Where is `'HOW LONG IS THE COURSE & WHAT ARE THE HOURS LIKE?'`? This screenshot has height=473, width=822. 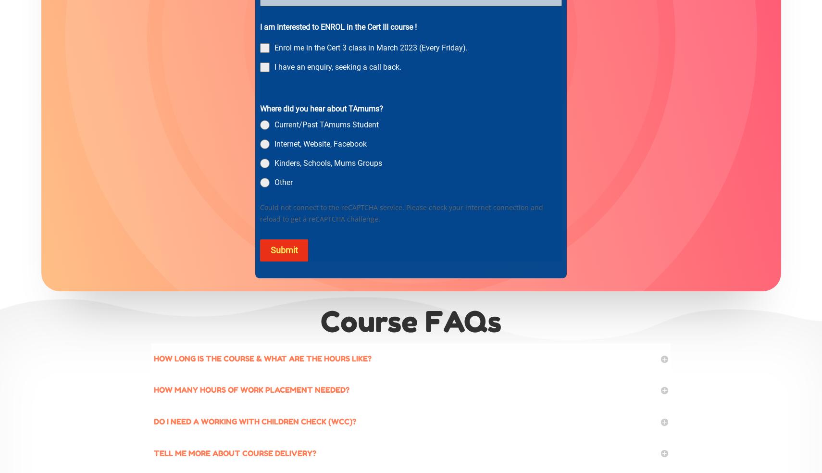
'HOW LONG IS THE COURSE & WHAT ARE THE HOURS LIKE?' is located at coordinates (262, 357).